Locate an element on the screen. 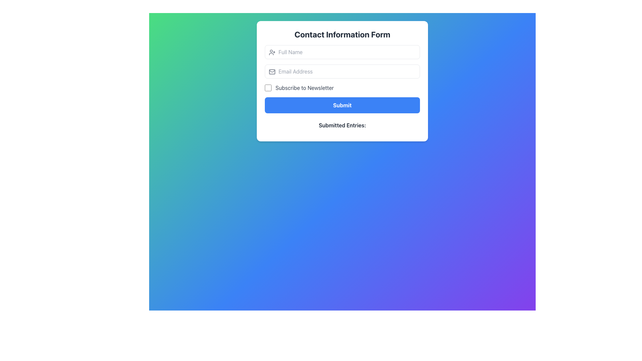  the rectangular component of the mail icon, which is styled with no fill and an outlined stroke, representing the body of an envelope located to the left of the email input field is located at coordinates (272, 72).